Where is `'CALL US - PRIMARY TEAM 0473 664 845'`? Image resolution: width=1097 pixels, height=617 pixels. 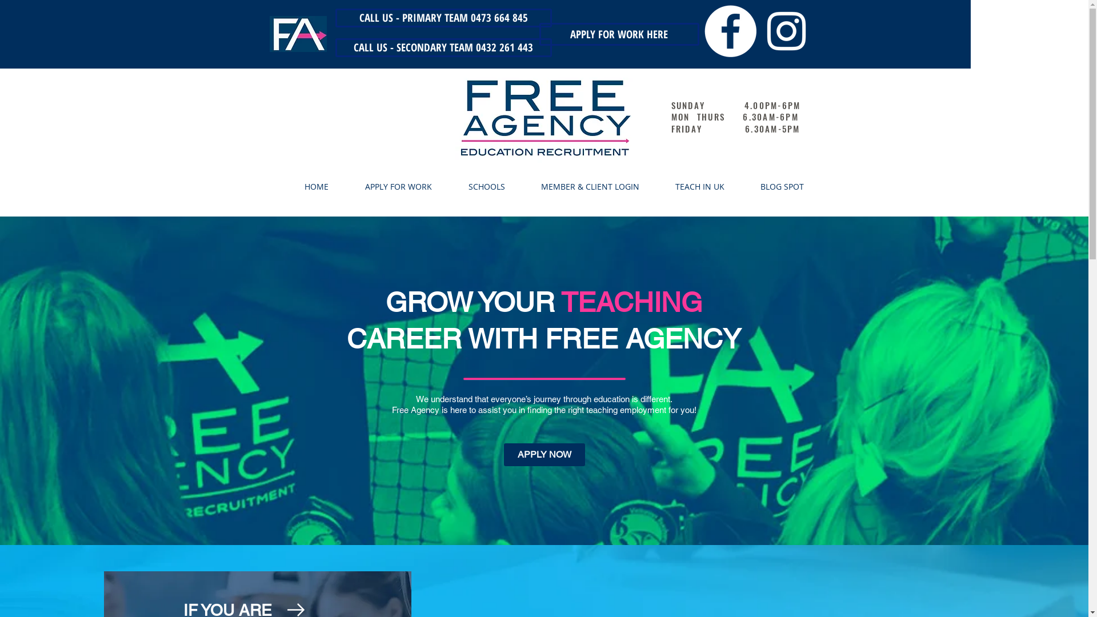
'CALL US - PRIMARY TEAM 0473 664 845' is located at coordinates (442, 18).